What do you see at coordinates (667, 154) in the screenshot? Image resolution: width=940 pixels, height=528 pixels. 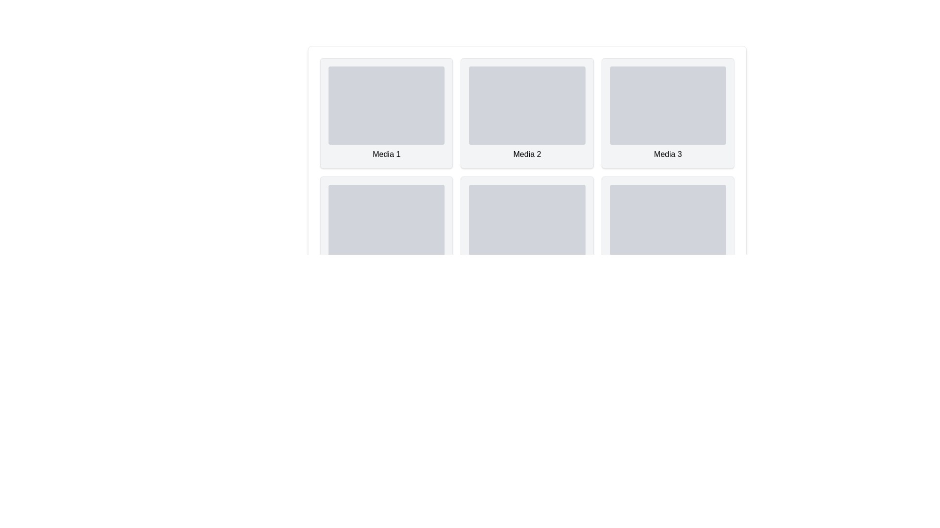 I see `Text Label element located in the lower section of the third card in a horizontal series, which describes the media content above it` at bounding box center [667, 154].